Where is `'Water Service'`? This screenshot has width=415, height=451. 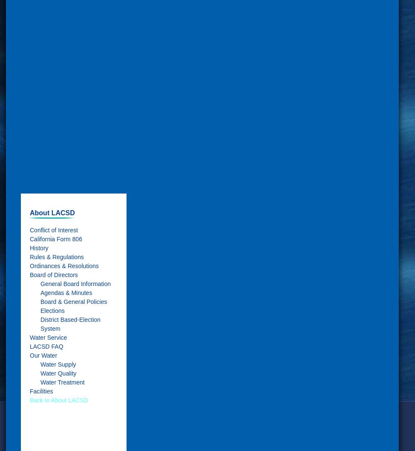
'Water Service' is located at coordinates (48, 337).